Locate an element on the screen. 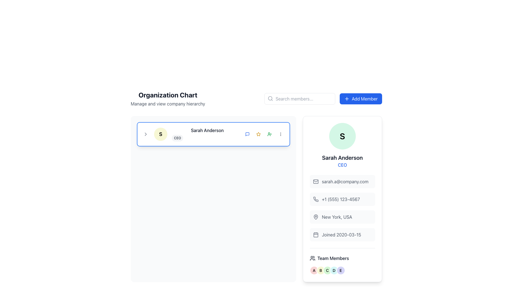 The width and height of the screenshot is (532, 299). the phone number text displaying contact information for Sarah Anderson, located centrally in the right-side column under the associated heading is located at coordinates (341, 199).